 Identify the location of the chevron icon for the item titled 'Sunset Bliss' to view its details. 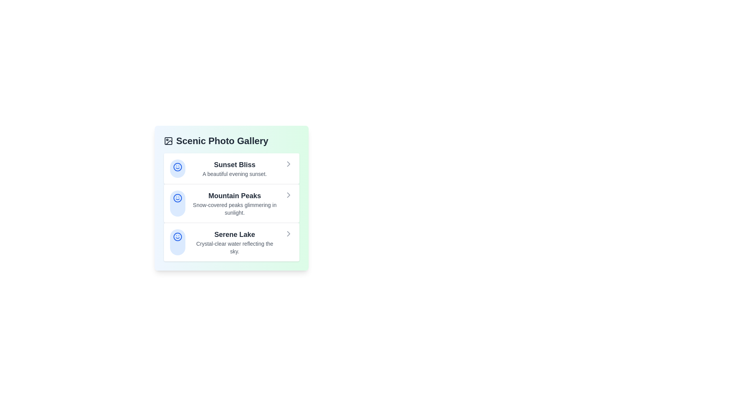
(288, 164).